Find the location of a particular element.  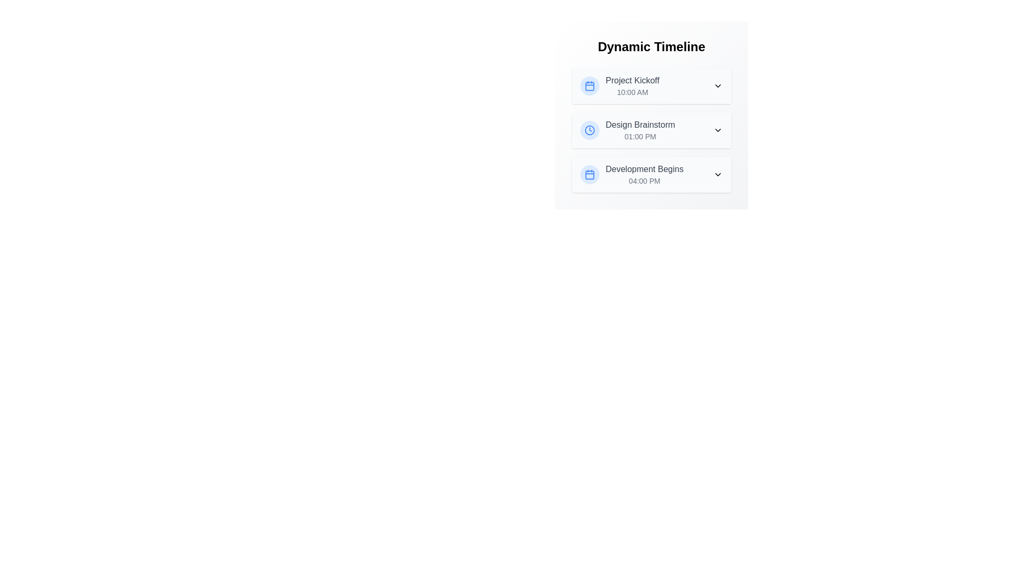

the calendar event icon for 'Project Kickoff' located to the left of the text 'Project Kickoff' and '10:00 AM' in the 'Dynamic Timeline' list is located at coordinates (589, 85).